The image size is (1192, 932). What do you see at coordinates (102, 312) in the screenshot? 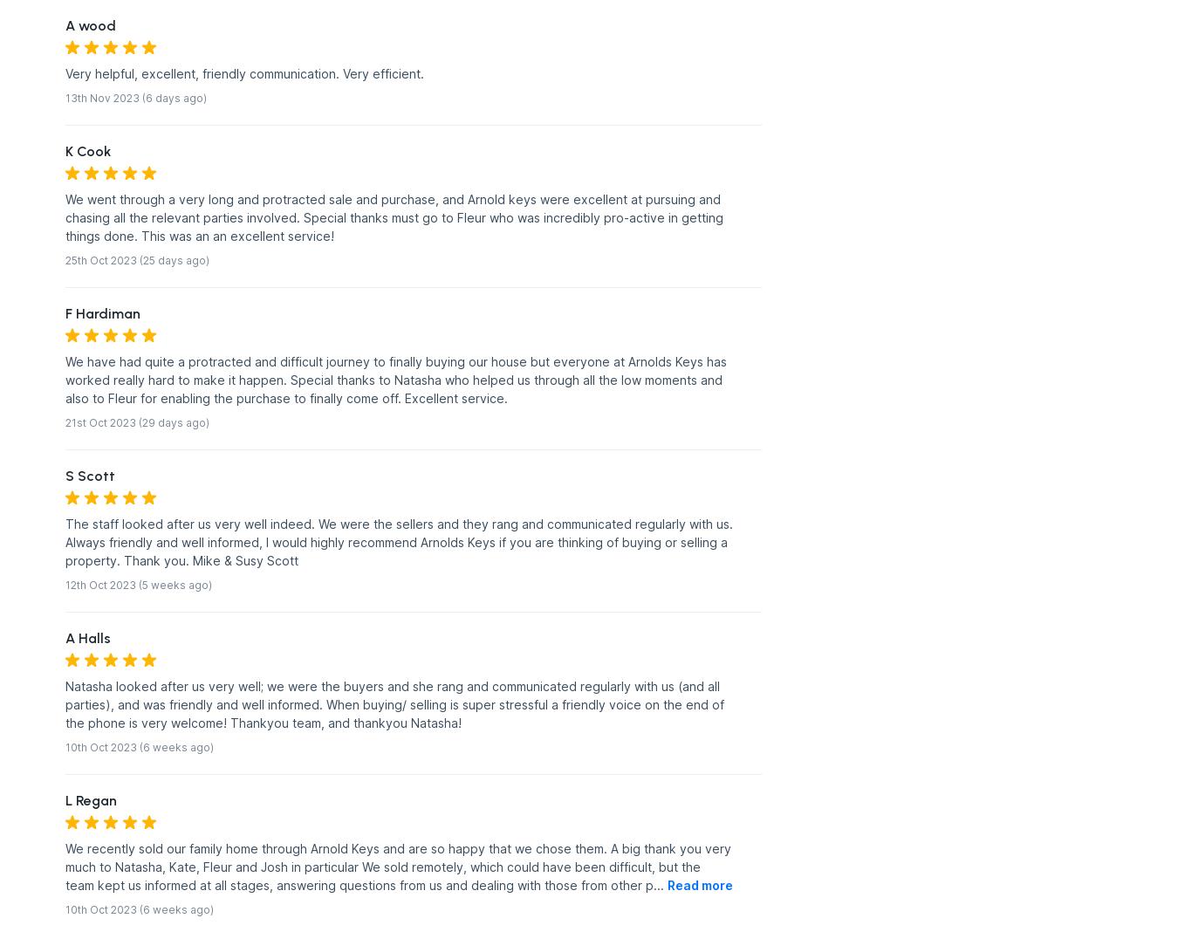
I see `'F Hardiman'` at bounding box center [102, 312].